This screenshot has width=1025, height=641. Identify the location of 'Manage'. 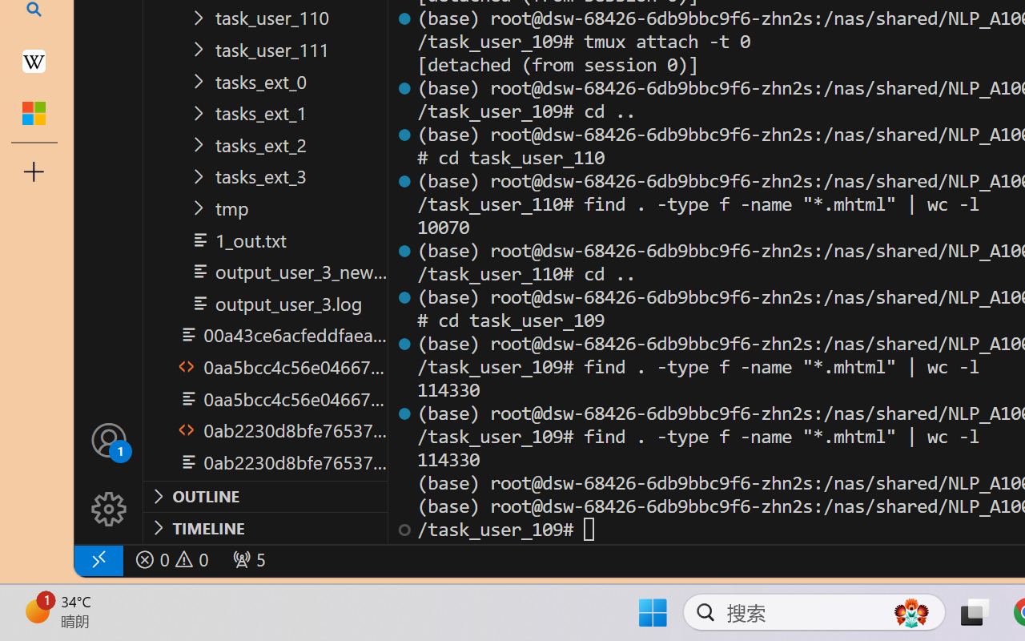
(107, 474).